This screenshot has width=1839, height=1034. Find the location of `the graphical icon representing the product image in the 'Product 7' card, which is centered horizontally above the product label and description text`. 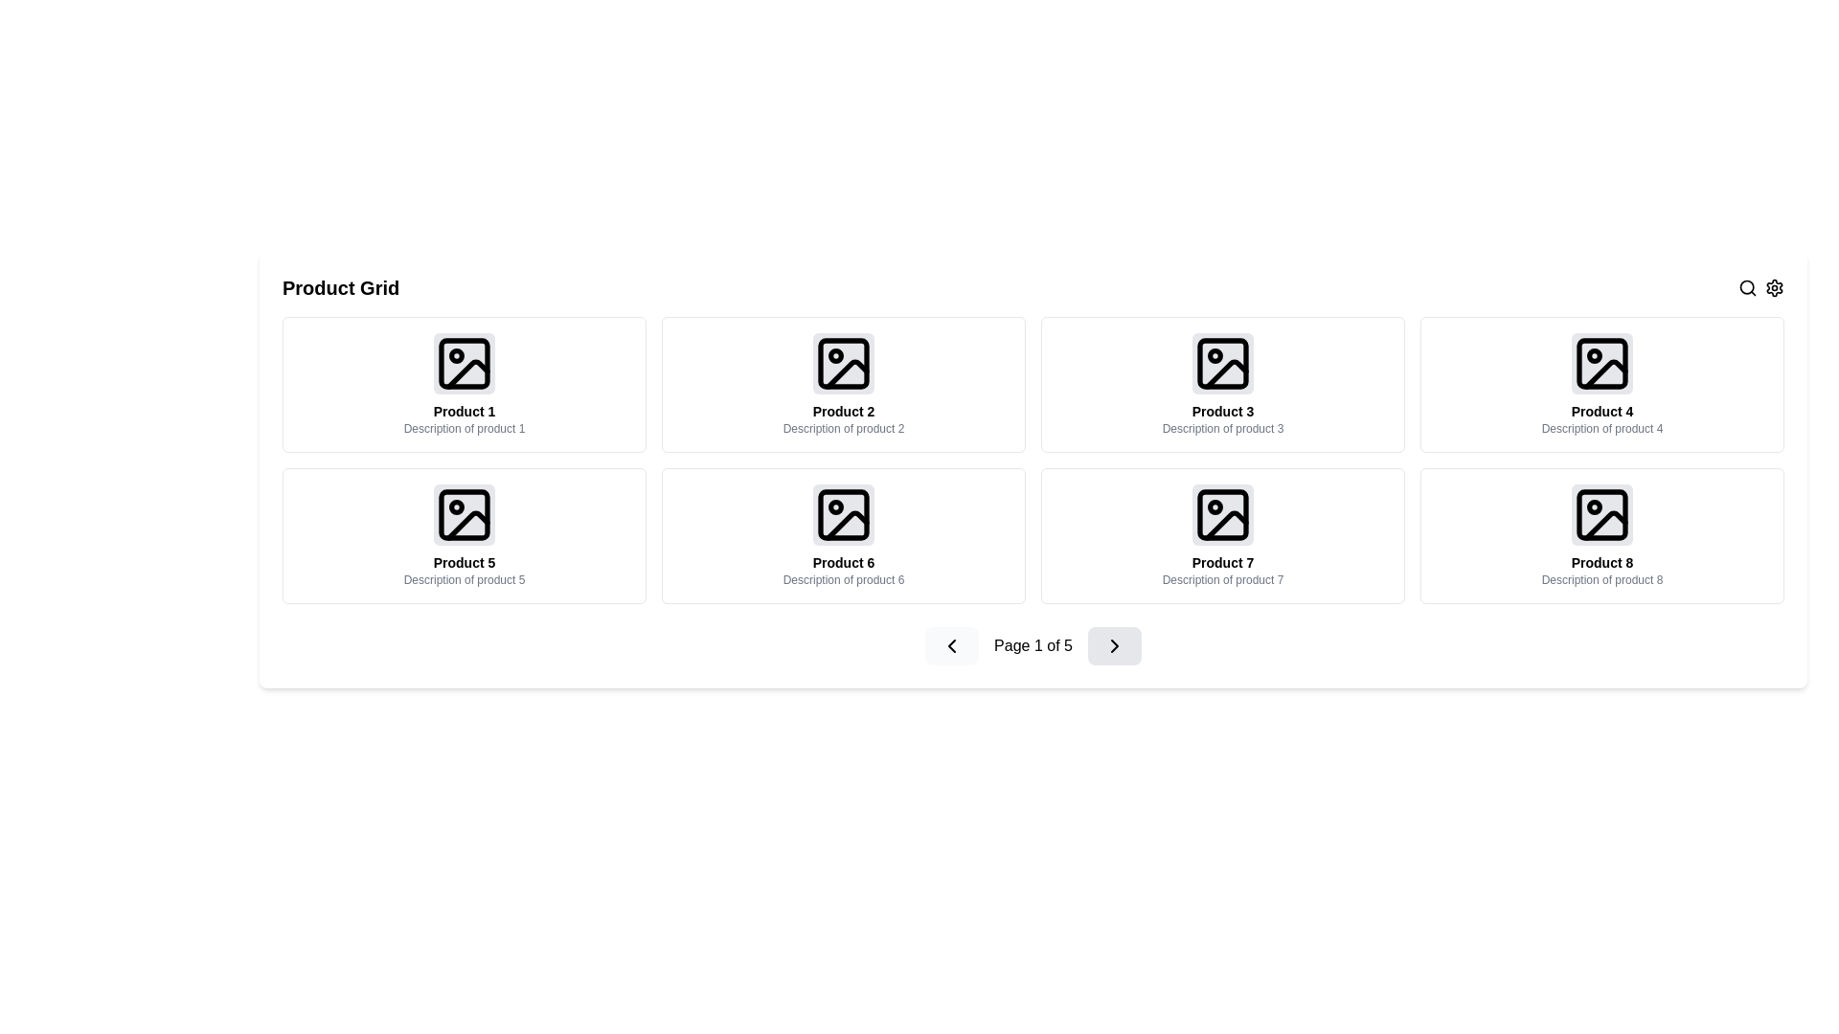

the graphical icon representing the product image in the 'Product 7' card, which is centered horizontally above the product label and description text is located at coordinates (1221, 513).